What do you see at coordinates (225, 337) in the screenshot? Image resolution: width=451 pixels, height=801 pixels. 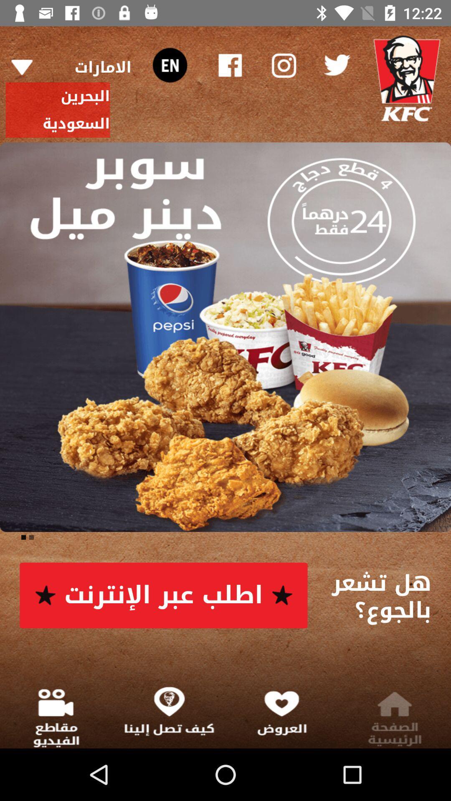 I see `the item at the center` at bounding box center [225, 337].